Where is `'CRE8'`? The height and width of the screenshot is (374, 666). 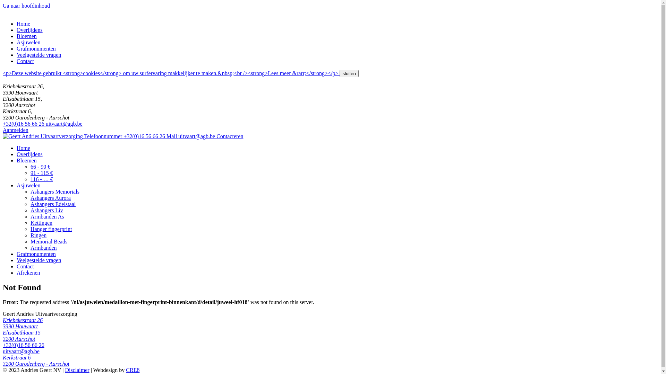
'CRE8' is located at coordinates (133, 369).